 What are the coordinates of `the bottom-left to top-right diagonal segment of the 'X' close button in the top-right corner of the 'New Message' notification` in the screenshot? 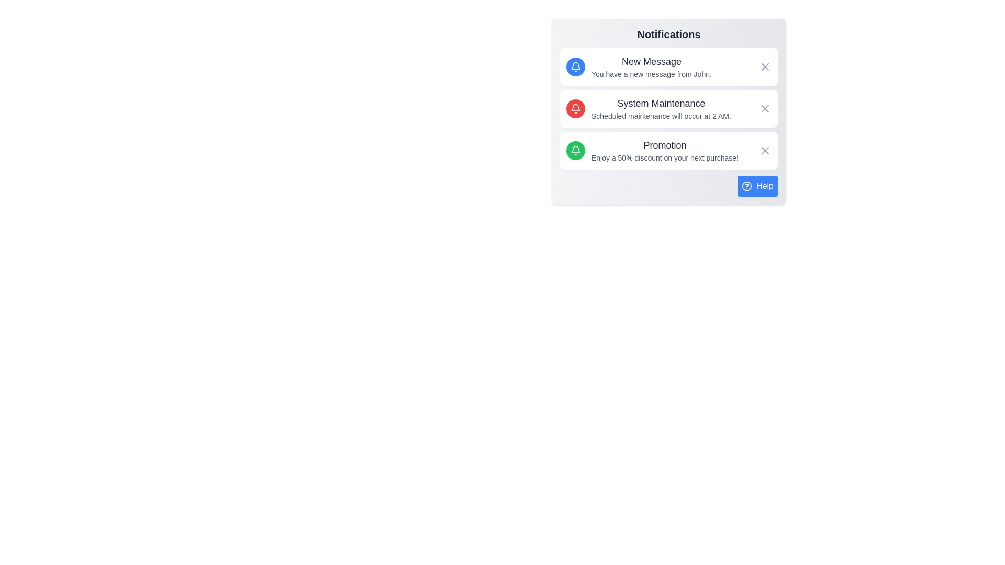 It's located at (765, 66).